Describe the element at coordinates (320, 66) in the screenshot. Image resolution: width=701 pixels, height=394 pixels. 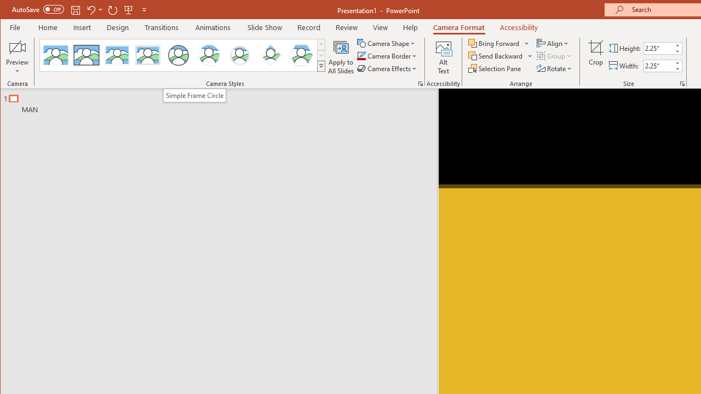
I see `'Camera Styles'` at that location.